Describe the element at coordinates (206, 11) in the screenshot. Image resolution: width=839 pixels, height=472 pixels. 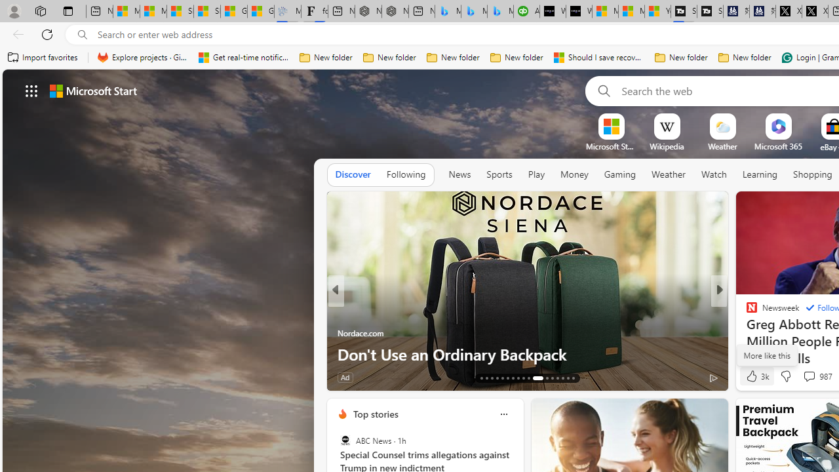
I see `'Shanghai, China weather forecast | Microsoft Weather'` at that location.